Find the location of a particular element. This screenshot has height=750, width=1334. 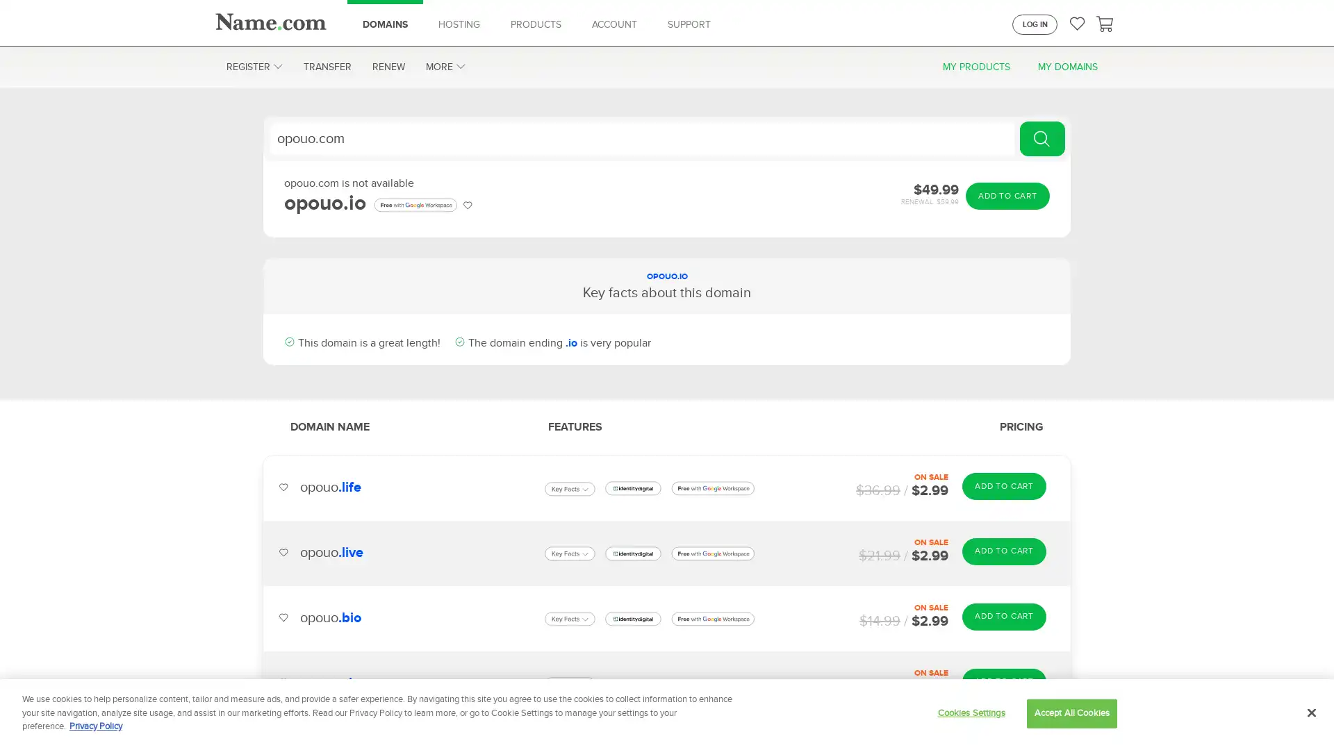

ADD TO CART is located at coordinates (1004, 485).